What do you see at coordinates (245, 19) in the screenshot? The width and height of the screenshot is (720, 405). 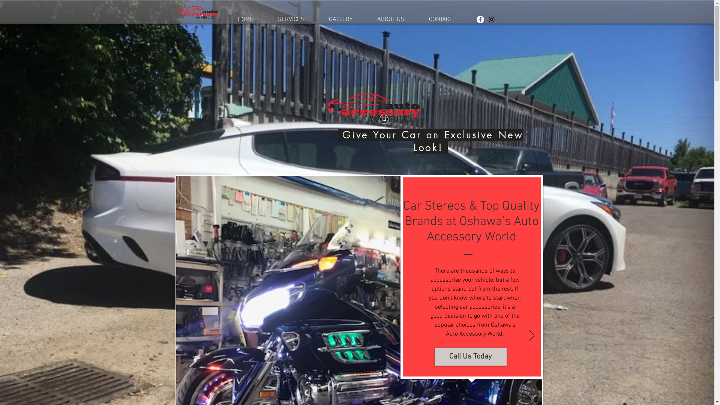 I see `'HOME'` at bounding box center [245, 19].